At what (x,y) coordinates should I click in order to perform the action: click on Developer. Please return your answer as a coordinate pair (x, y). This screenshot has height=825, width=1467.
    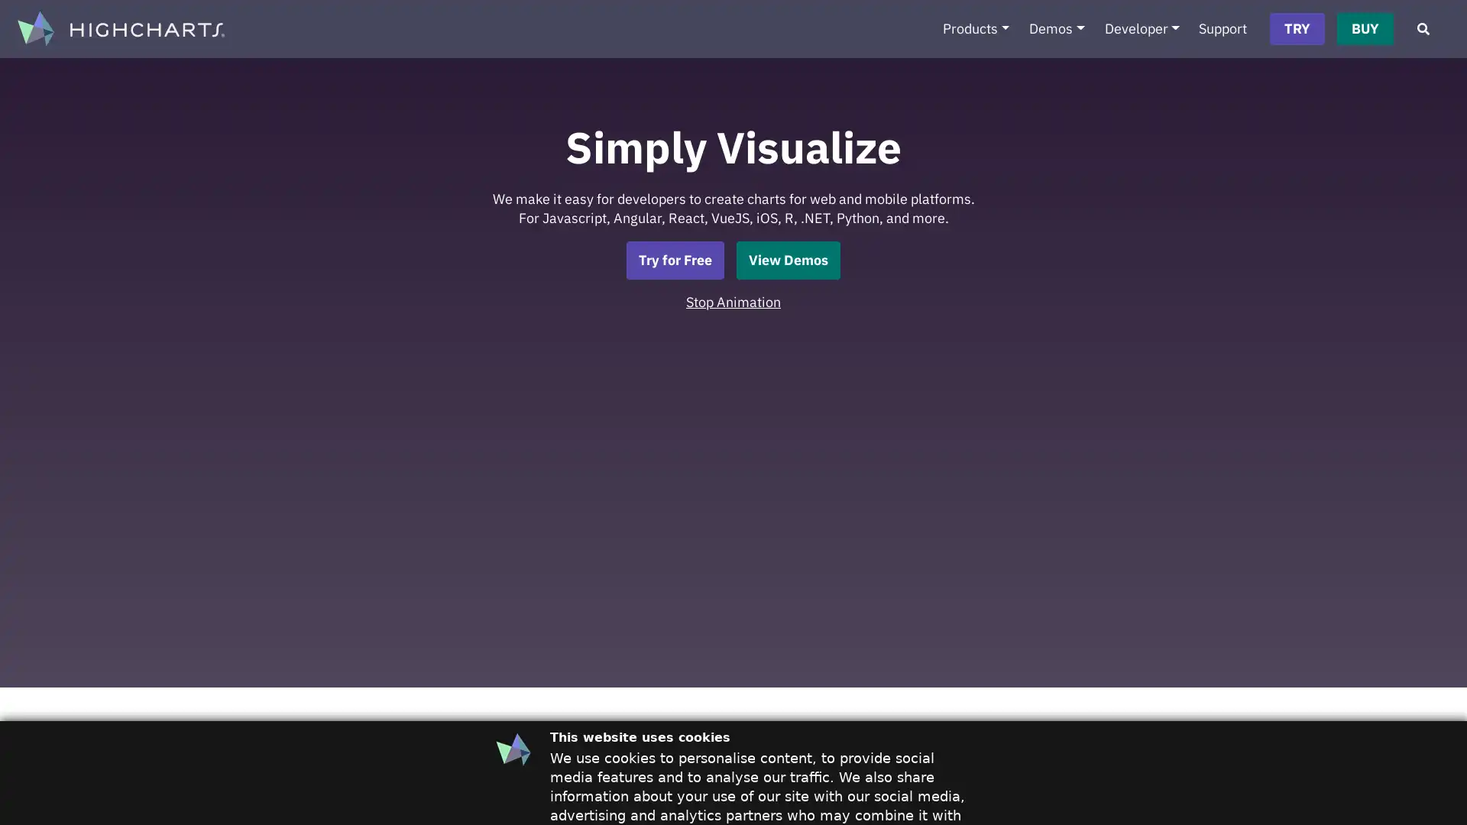
    Looking at the image, I should click on (1142, 29).